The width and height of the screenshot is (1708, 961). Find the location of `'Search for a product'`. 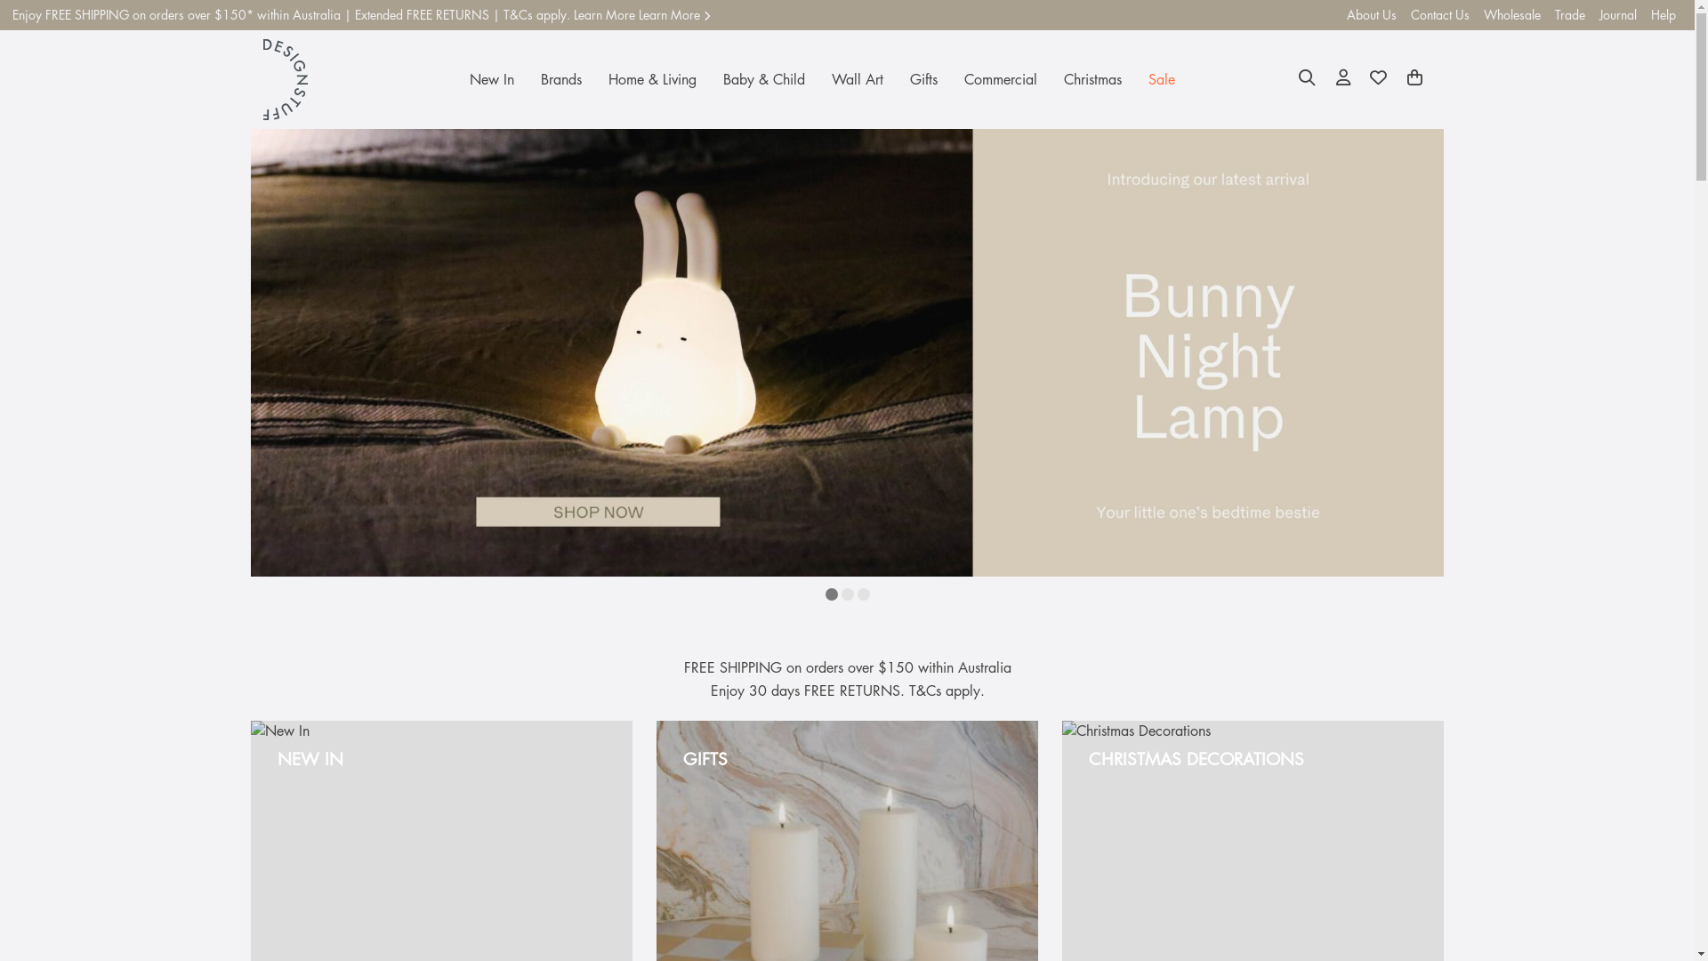

'Search for a product' is located at coordinates (1307, 78).